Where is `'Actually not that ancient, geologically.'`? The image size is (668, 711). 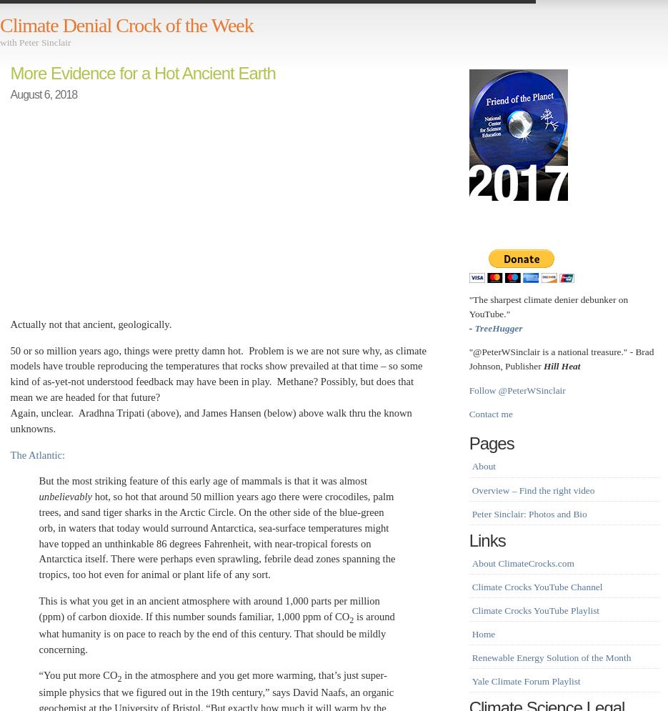
'Actually not that ancient, geologically.' is located at coordinates (89, 324).